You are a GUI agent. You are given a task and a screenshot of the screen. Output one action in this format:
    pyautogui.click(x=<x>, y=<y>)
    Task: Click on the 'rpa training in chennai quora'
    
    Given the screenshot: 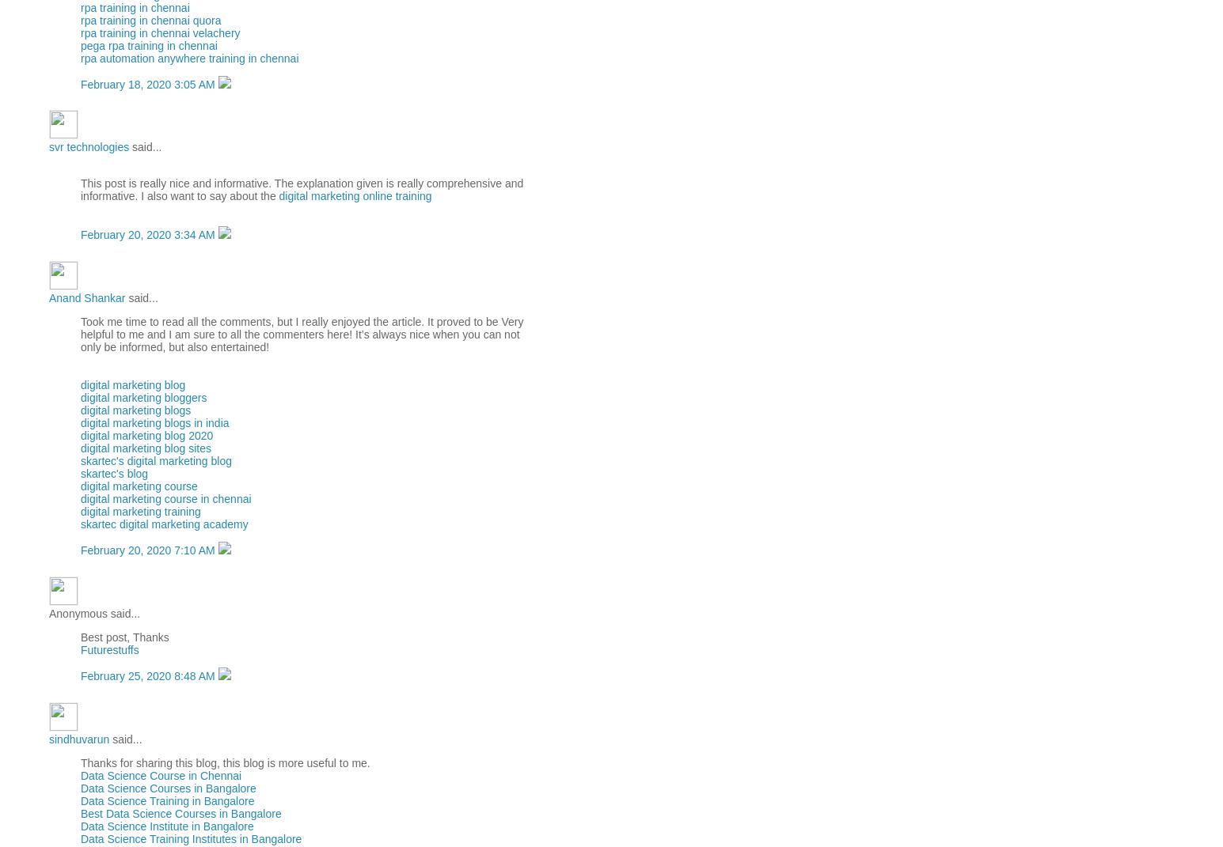 What is the action you would take?
    pyautogui.click(x=150, y=18)
    